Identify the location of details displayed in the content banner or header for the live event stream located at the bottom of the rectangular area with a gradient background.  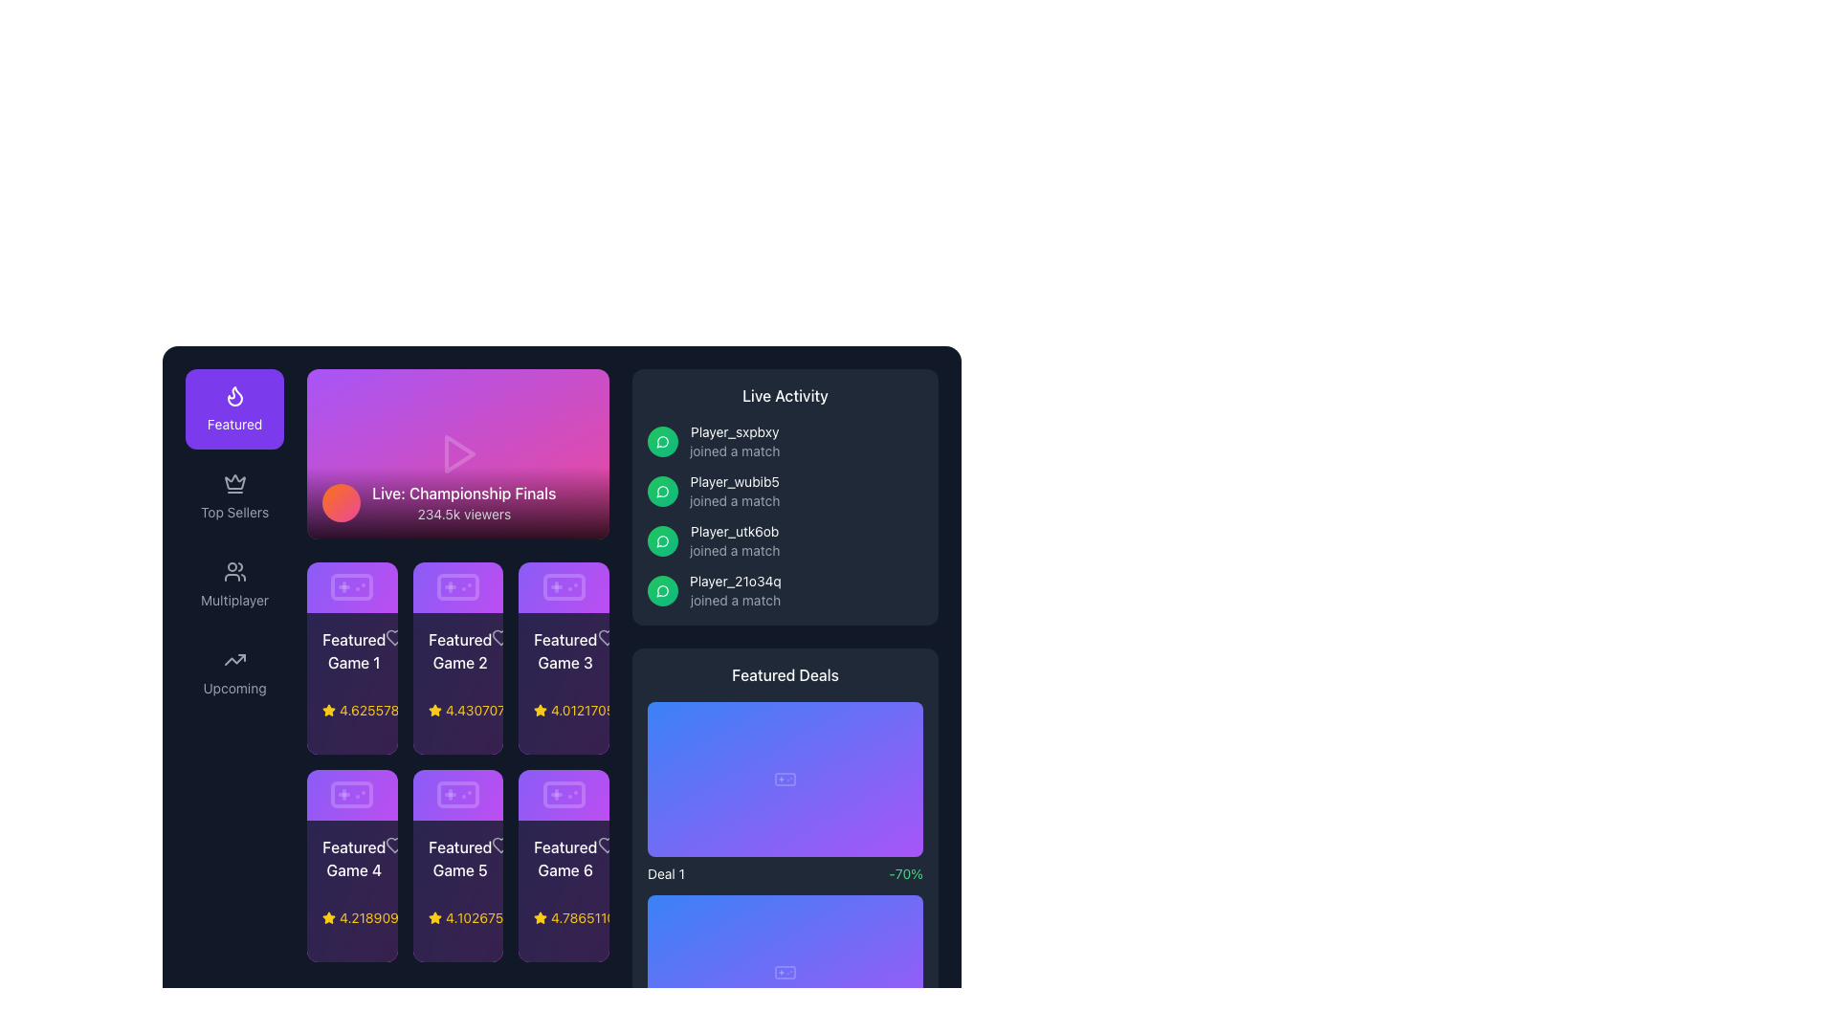
(457, 501).